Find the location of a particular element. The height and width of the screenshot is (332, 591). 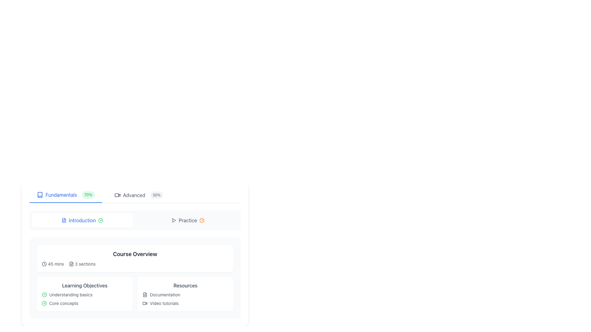

the 'Advanced' segment of the horizontal segmented tab bar is located at coordinates (135, 195).